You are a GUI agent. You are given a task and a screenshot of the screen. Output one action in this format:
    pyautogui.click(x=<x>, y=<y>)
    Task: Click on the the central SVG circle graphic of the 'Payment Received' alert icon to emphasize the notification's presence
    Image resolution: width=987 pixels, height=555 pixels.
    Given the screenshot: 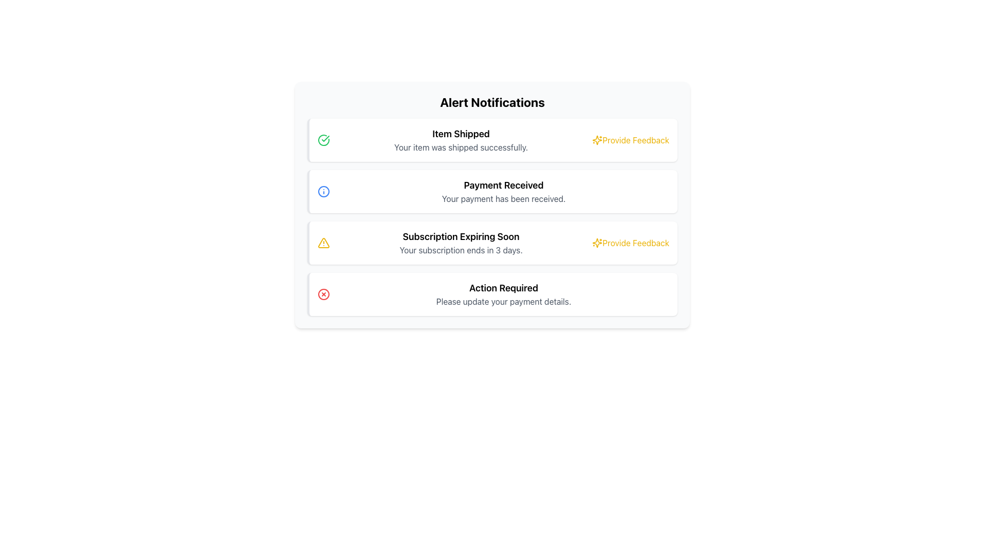 What is the action you would take?
    pyautogui.click(x=323, y=192)
    